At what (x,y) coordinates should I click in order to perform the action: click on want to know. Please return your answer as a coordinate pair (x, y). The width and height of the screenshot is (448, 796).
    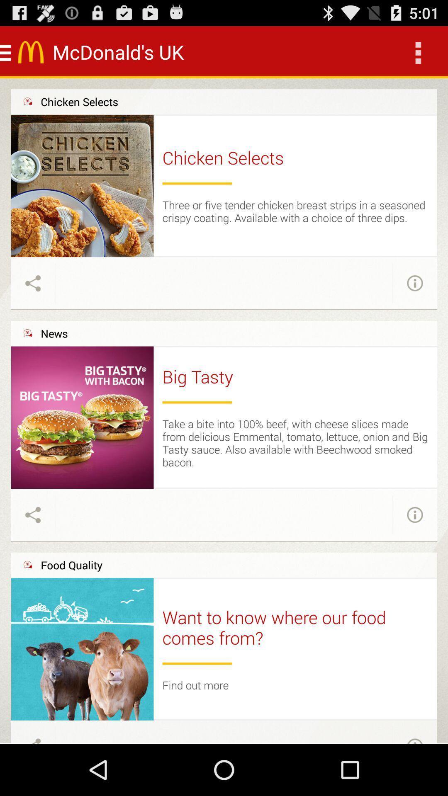
    Looking at the image, I should click on (295, 627).